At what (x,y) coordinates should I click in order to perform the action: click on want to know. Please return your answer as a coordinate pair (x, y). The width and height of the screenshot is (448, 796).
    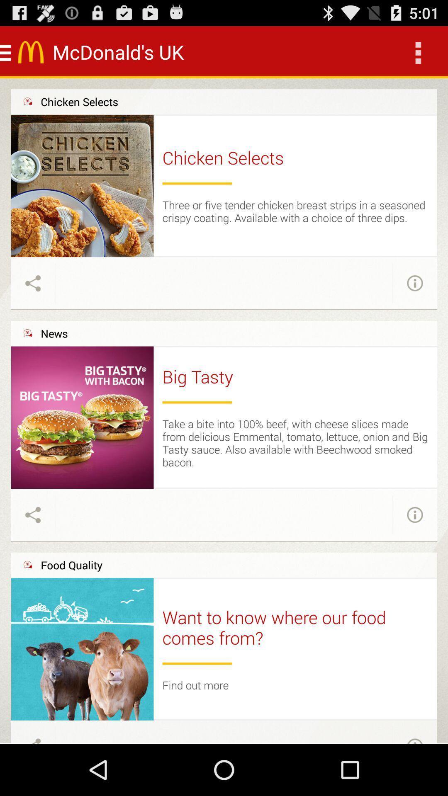
    Looking at the image, I should click on (295, 627).